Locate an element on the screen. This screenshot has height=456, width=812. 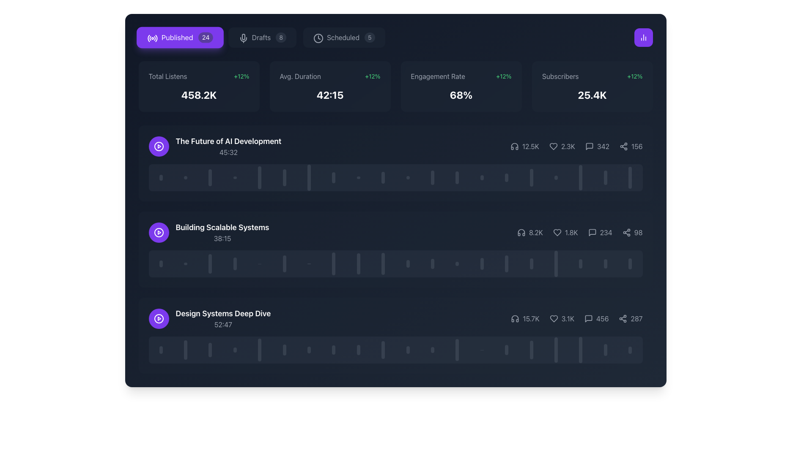
the small gray badge with the numerical value '8' located is located at coordinates (281, 37).